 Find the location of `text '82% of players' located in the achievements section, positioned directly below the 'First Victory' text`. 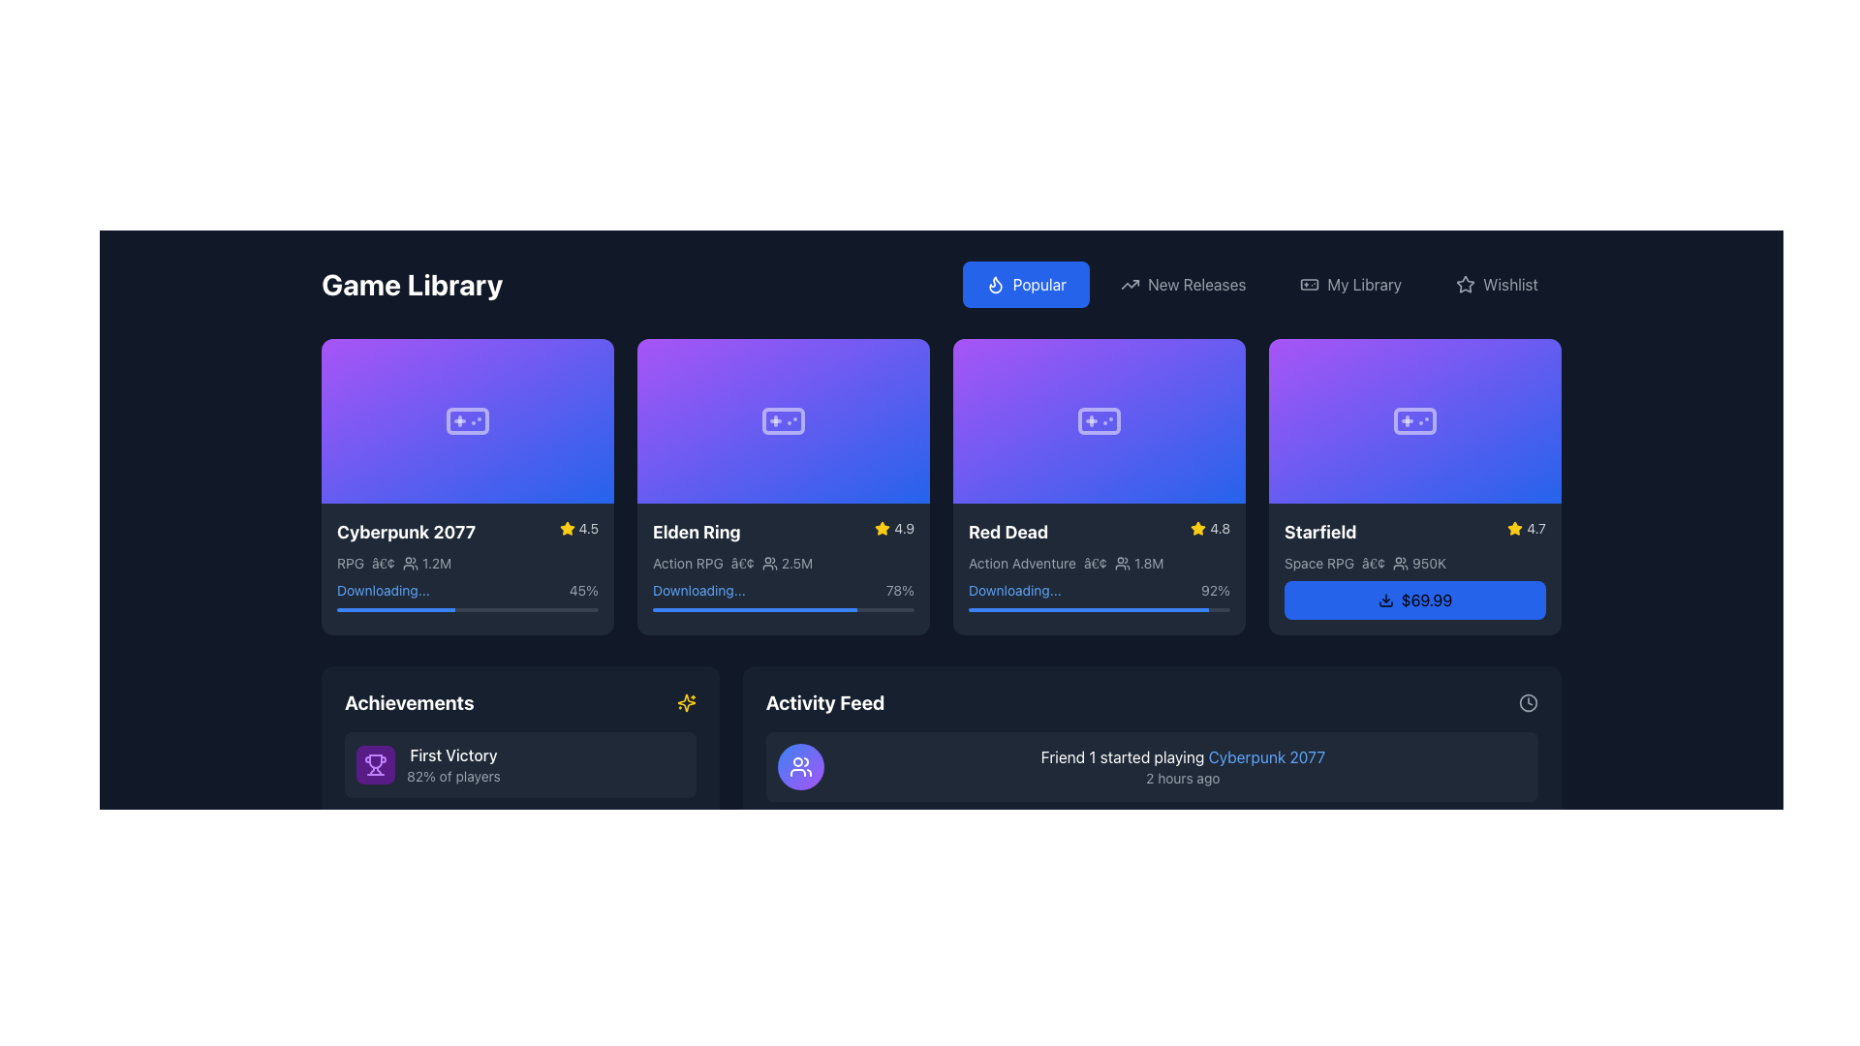

text '82% of players' located in the achievements section, positioned directly below the 'First Victory' text is located at coordinates (452, 775).